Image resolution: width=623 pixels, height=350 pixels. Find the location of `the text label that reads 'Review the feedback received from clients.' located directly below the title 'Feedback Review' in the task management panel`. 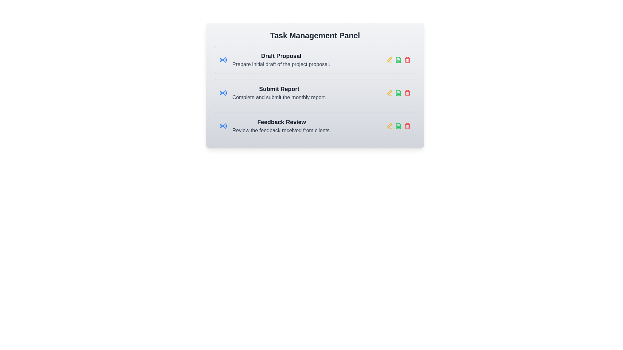

the text label that reads 'Review the feedback received from clients.' located directly below the title 'Feedback Review' in the task management panel is located at coordinates (282, 130).